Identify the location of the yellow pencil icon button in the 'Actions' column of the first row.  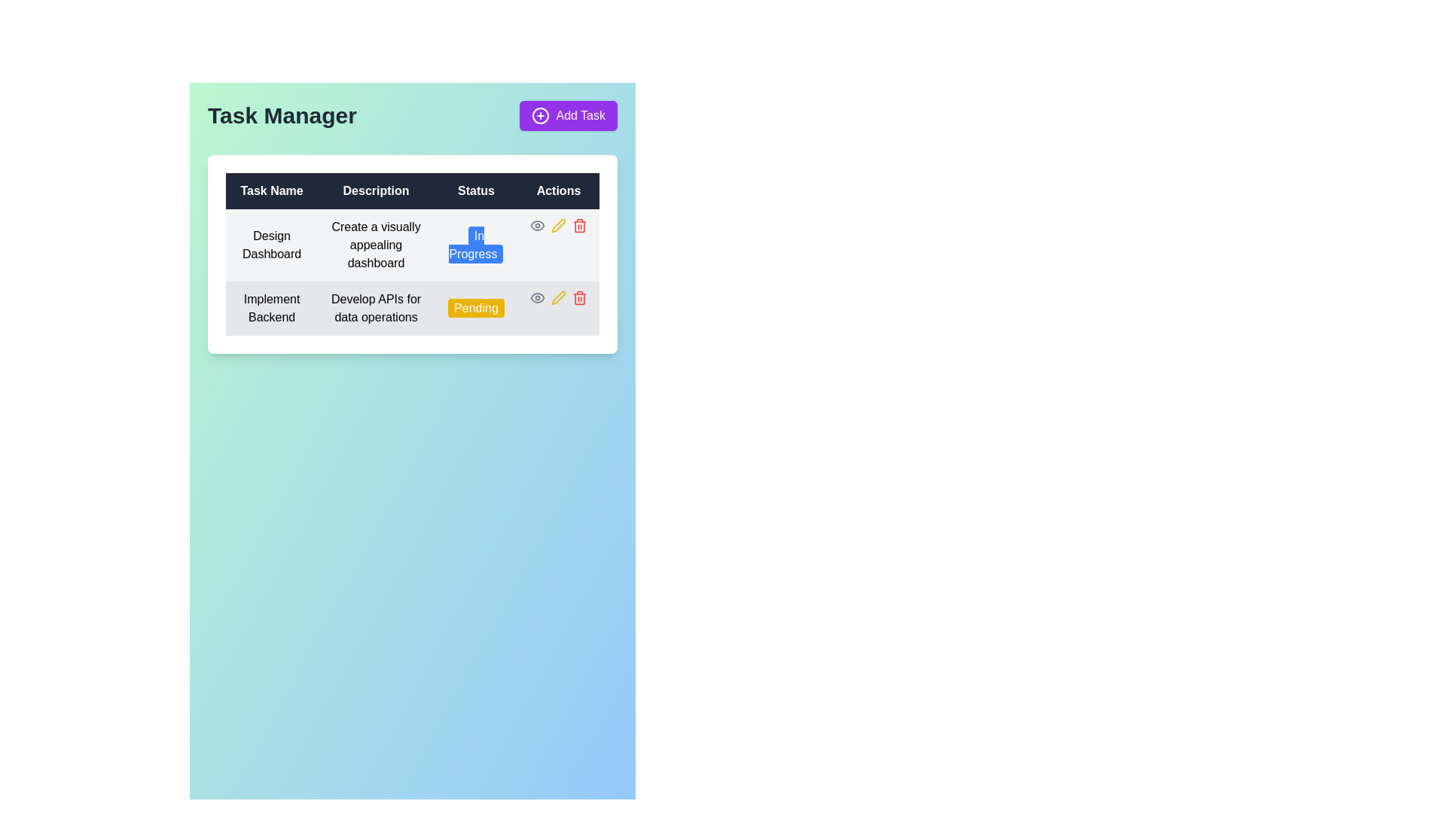
(557, 298).